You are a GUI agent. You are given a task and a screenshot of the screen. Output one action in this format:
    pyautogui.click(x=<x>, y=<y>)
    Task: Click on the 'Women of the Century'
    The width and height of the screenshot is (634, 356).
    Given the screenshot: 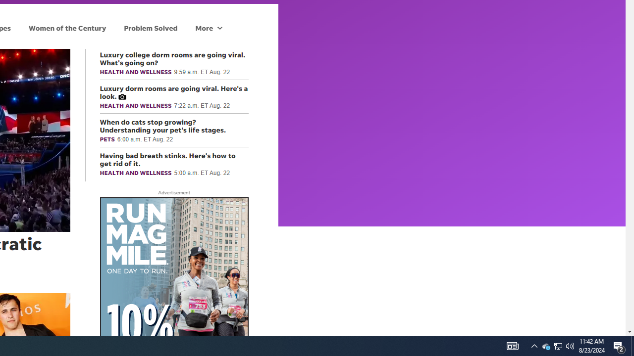 What is the action you would take?
    pyautogui.click(x=67, y=27)
    